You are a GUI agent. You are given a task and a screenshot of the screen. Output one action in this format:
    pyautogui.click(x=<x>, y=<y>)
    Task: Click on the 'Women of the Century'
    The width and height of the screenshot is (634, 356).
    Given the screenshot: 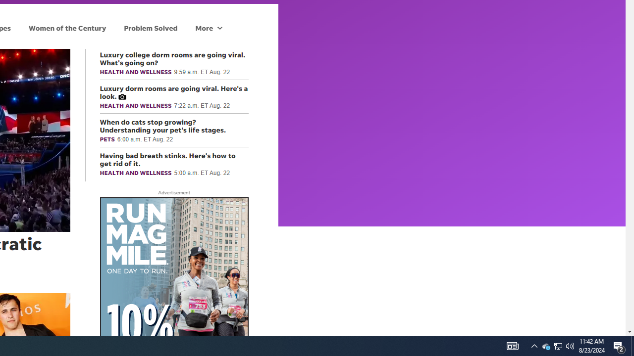 What is the action you would take?
    pyautogui.click(x=67, y=27)
    